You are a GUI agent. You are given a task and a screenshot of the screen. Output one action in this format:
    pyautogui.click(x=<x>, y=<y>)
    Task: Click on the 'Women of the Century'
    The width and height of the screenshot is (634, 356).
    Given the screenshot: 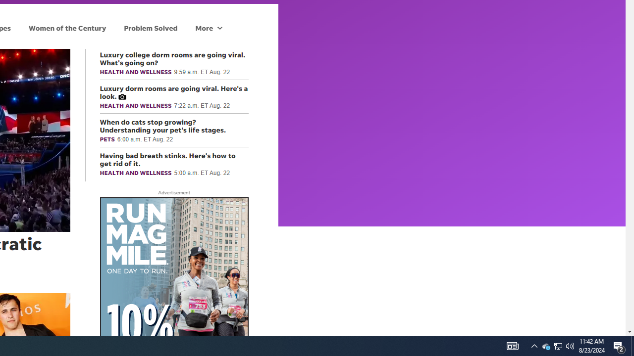 What is the action you would take?
    pyautogui.click(x=67, y=27)
    